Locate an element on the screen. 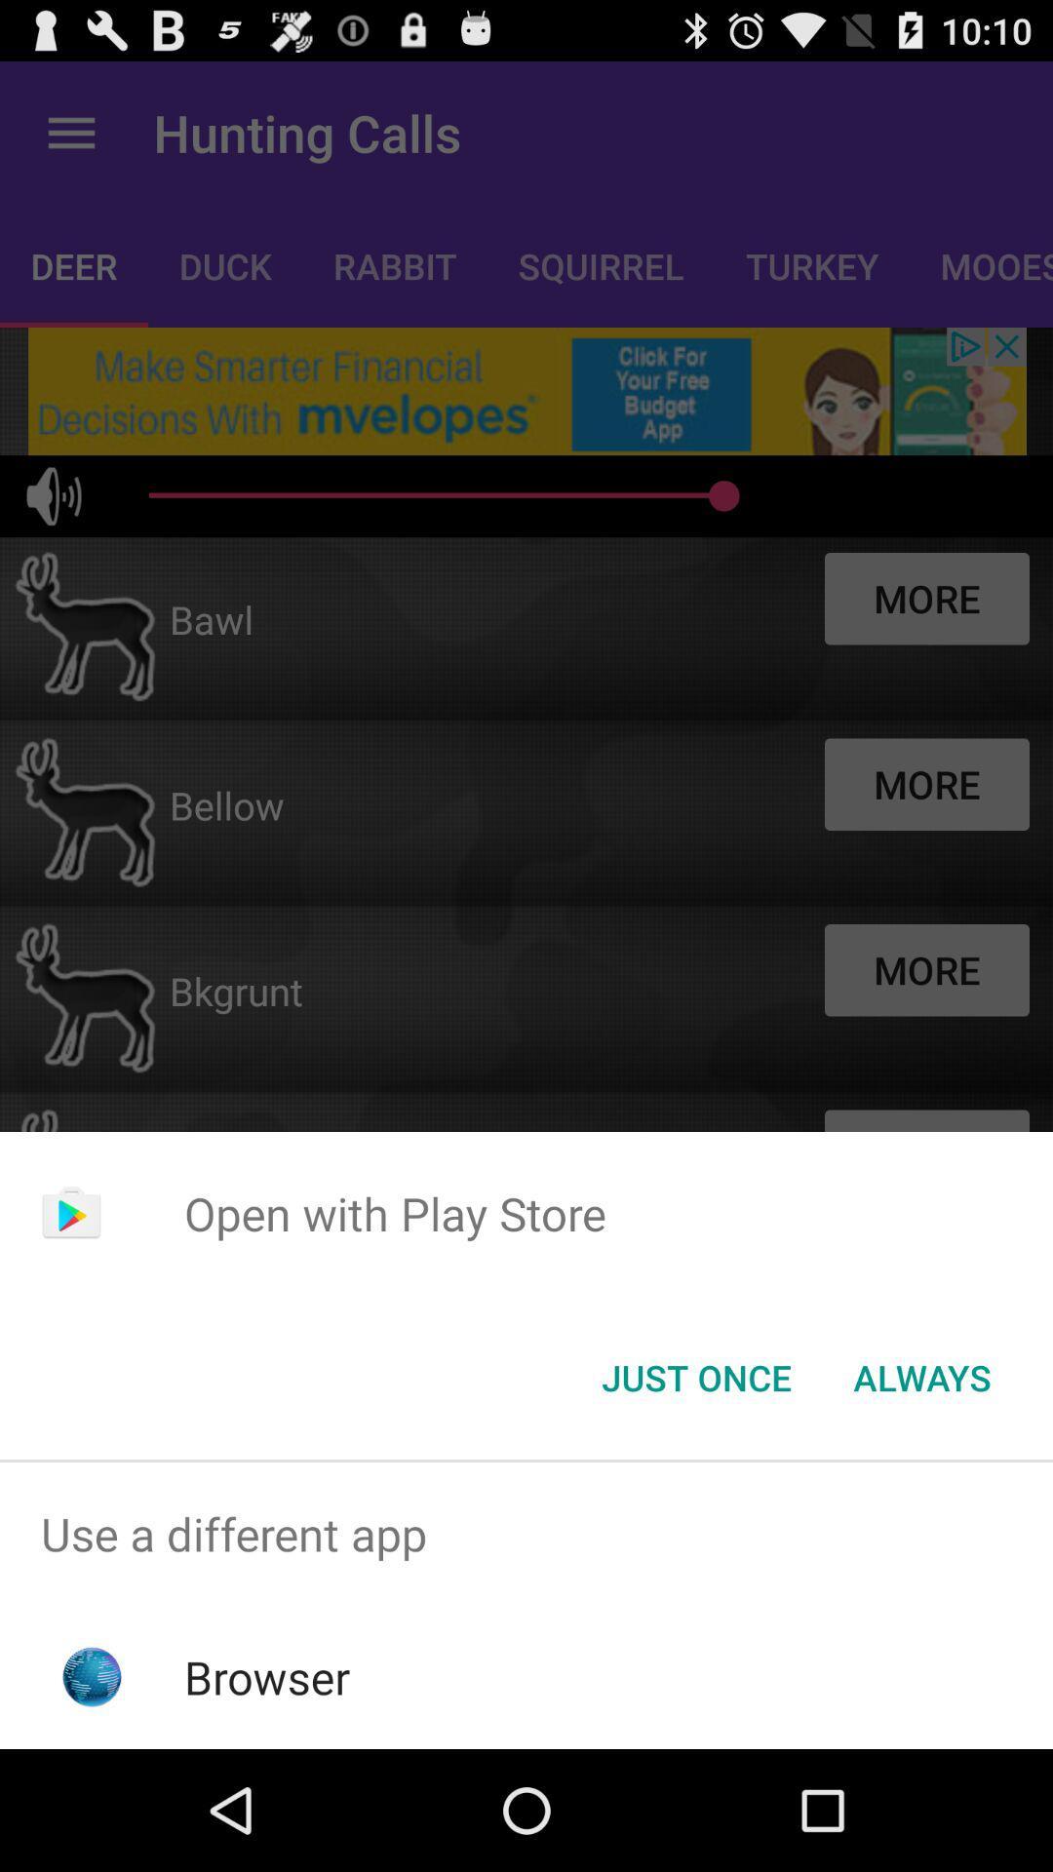 This screenshot has width=1053, height=1872. app above browser item is located at coordinates (526, 1533).